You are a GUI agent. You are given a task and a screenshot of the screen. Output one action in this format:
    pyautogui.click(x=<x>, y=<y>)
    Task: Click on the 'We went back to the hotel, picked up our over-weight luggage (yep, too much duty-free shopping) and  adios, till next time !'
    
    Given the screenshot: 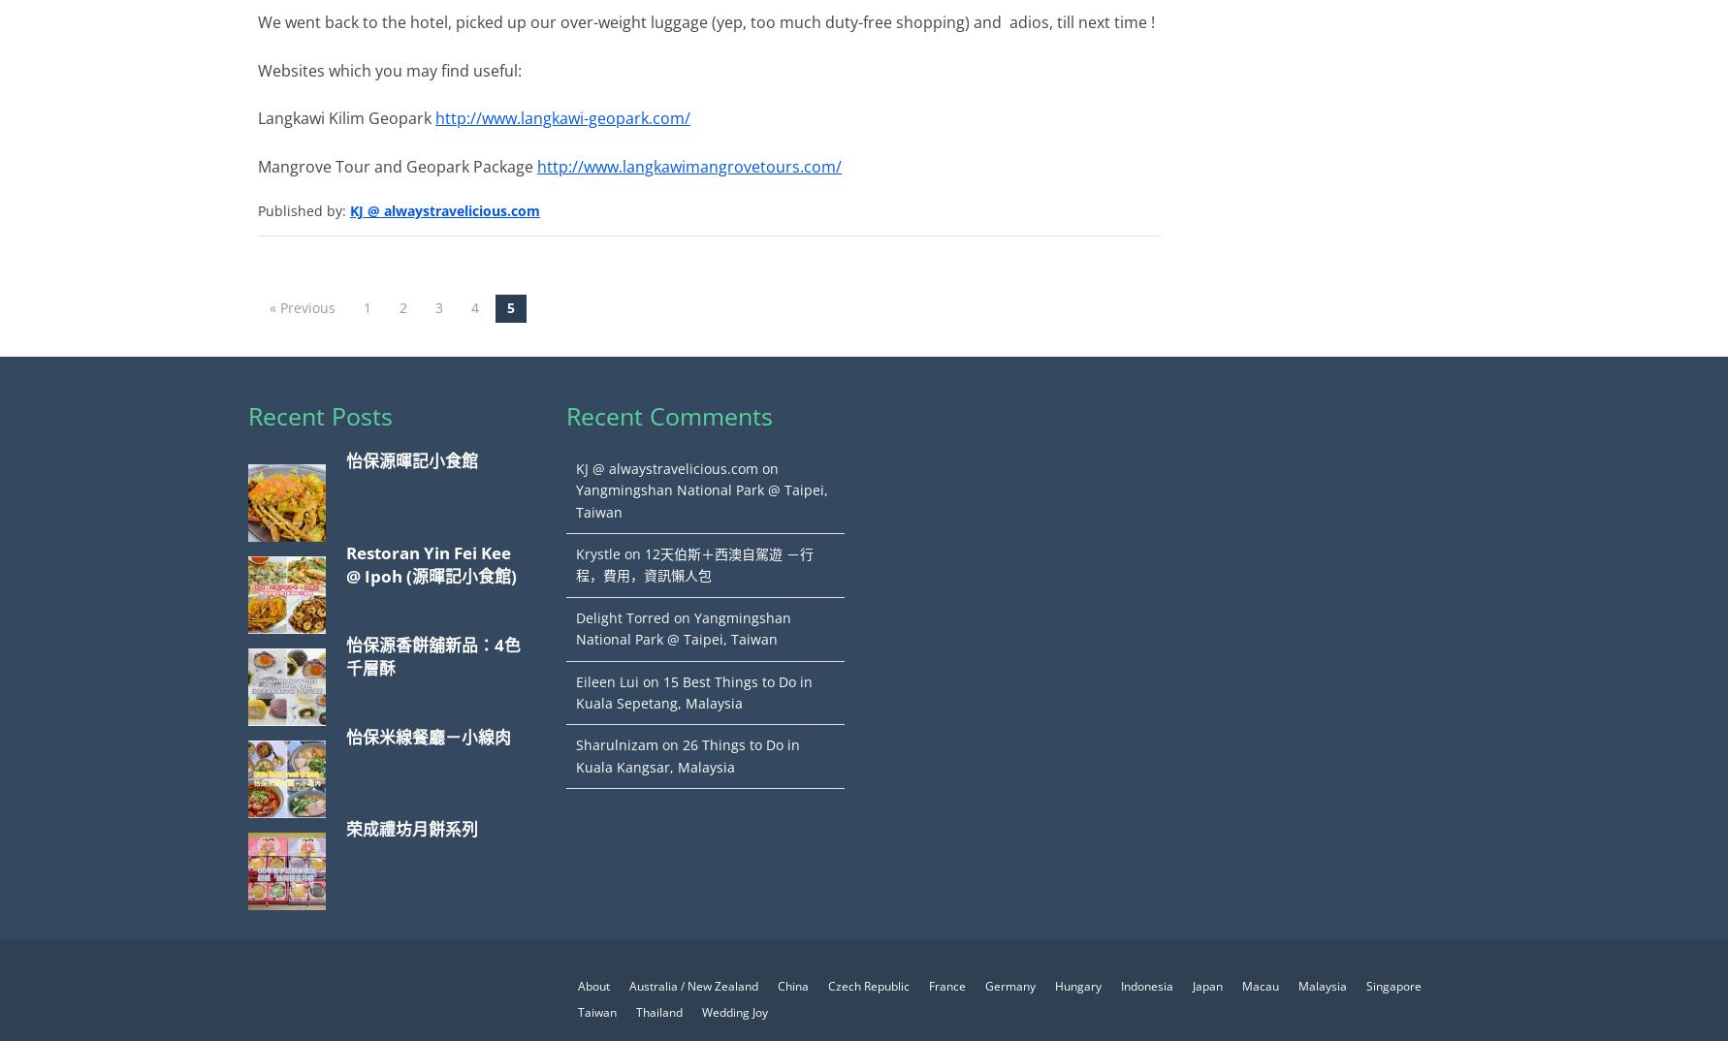 What is the action you would take?
    pyautogui.click(x=706, y=20)
    